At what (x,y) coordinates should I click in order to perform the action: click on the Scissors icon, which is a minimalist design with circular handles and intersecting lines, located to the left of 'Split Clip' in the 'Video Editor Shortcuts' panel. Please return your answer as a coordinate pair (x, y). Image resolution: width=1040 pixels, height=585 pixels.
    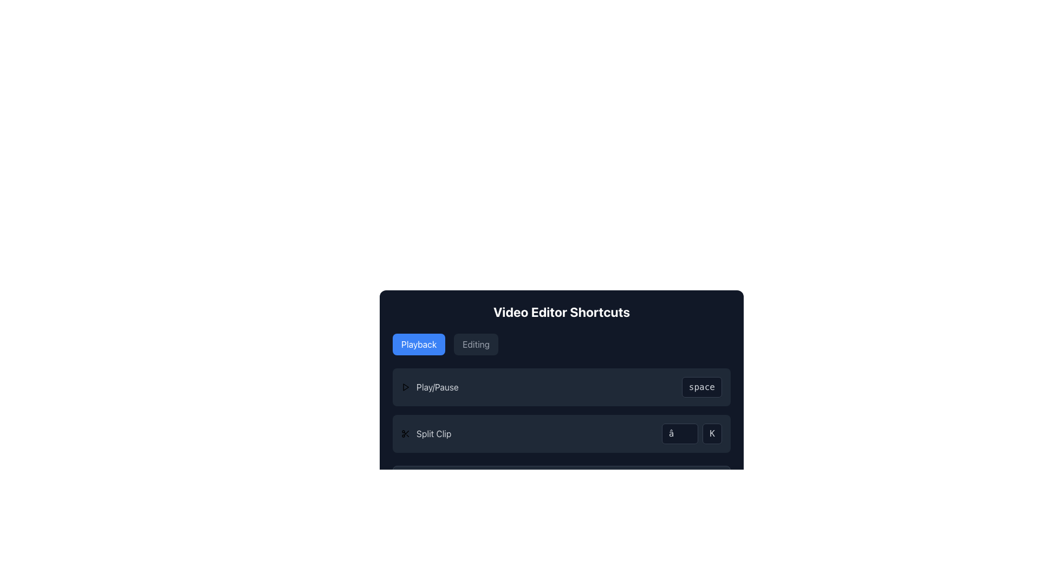
    Looking at the image, I should click on (405, 433).